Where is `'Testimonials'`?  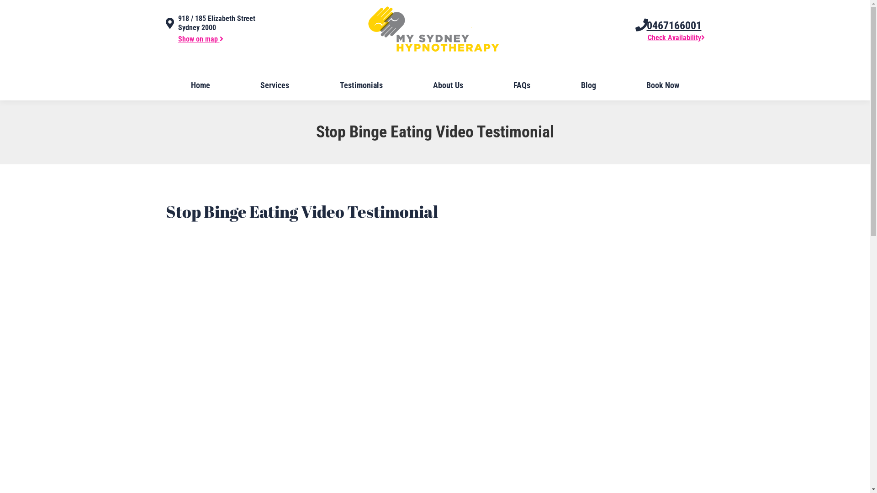 'Testimonials' is located at coordinates (360, 85).